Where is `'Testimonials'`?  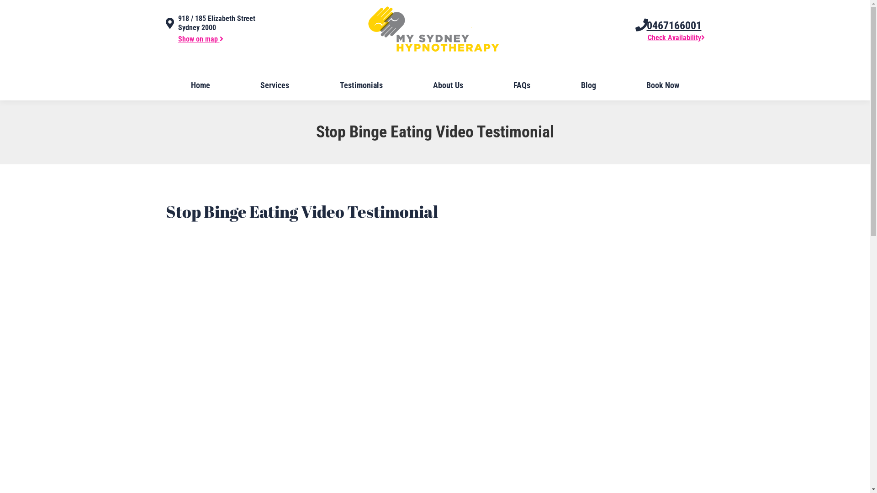 'Testimonials' is located at coordinates (360, 85).